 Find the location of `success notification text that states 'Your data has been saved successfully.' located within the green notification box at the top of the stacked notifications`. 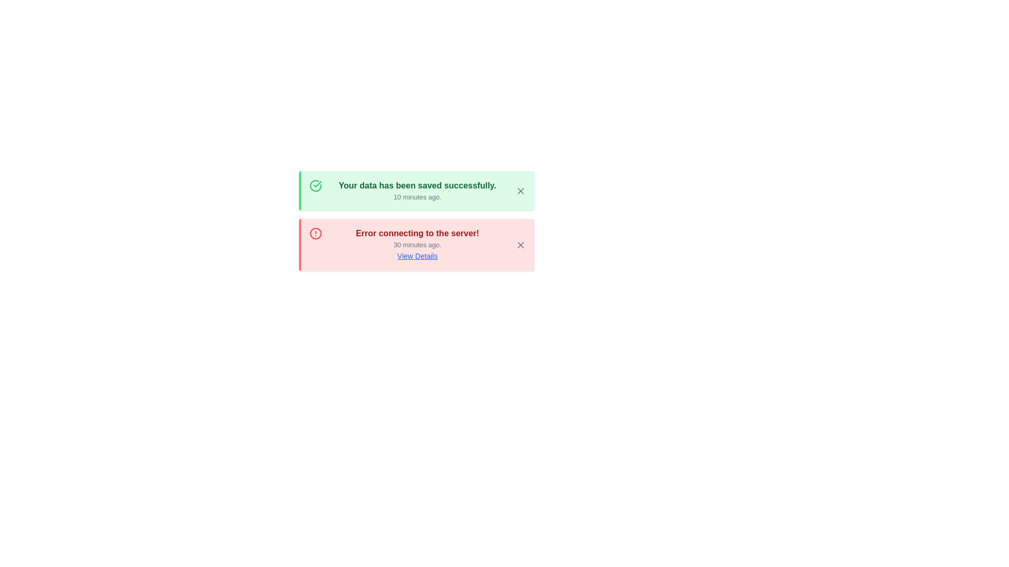

success notification text that states 'Your data has been saved successfully.' located within the green notification box at the top of the stacked notifications is located at coordinates (417, 191).